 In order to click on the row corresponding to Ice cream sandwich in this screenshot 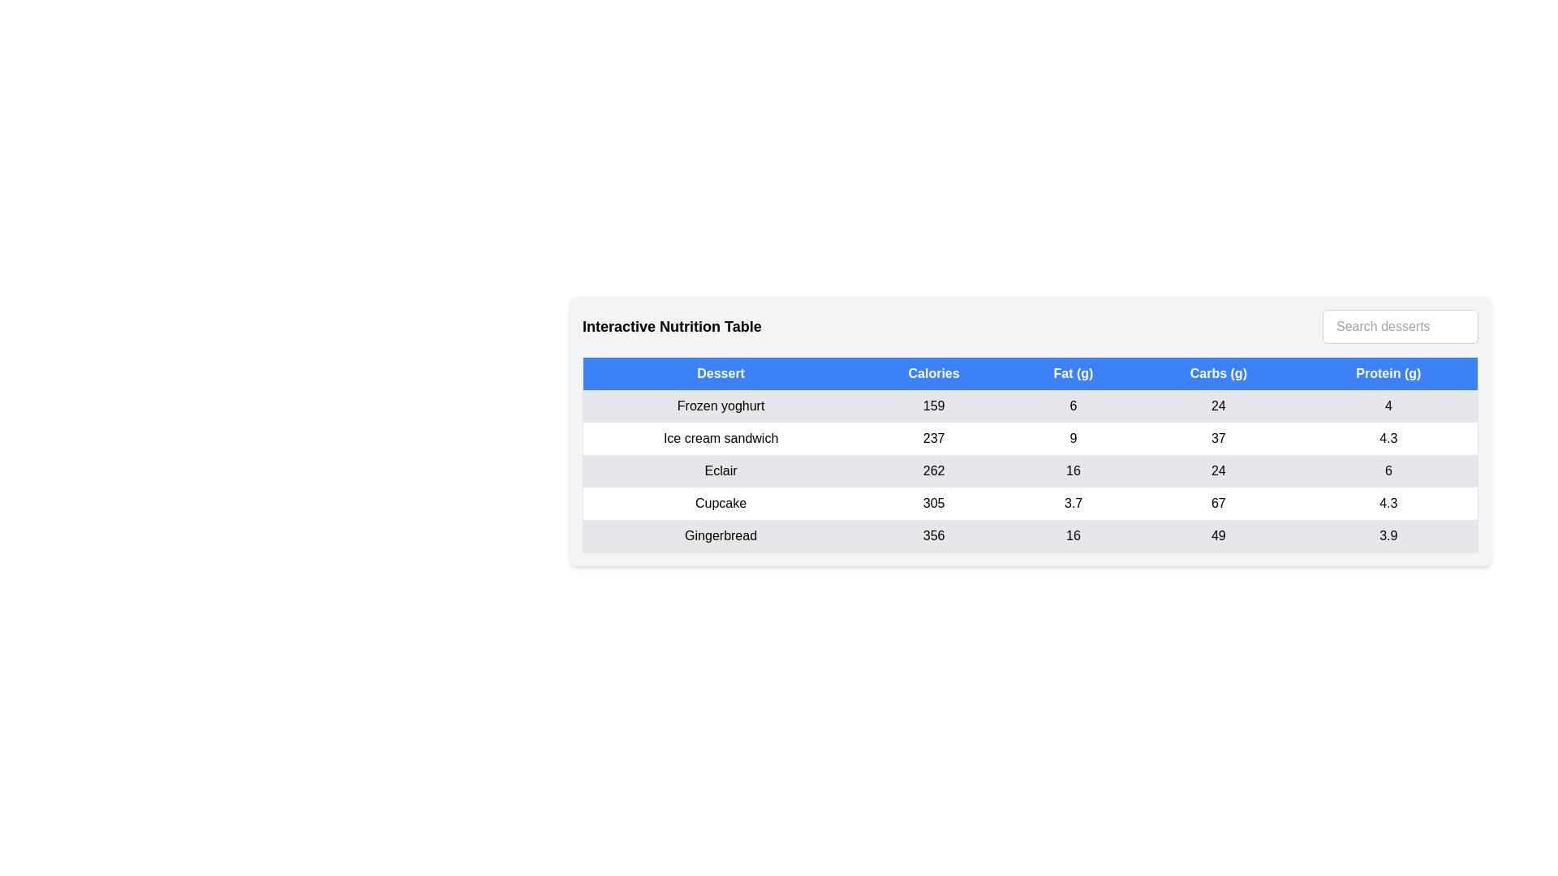, I will do `click(1030, 438)`.